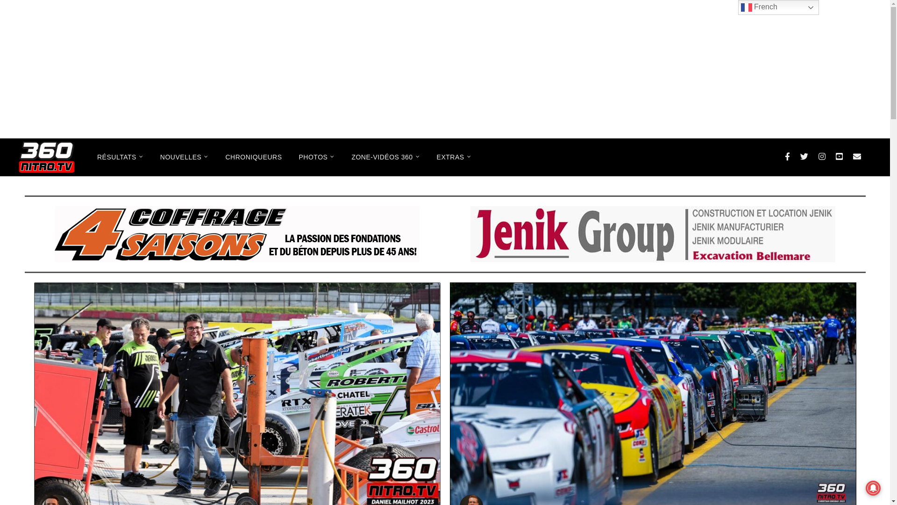  I want to click on 'NOUVELLES', so click(184, 156).